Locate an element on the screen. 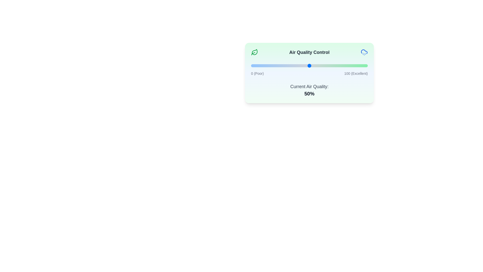 This screenshot has width=483, height=272. the air quality slider to 88% is located at coordinates (353, 65).